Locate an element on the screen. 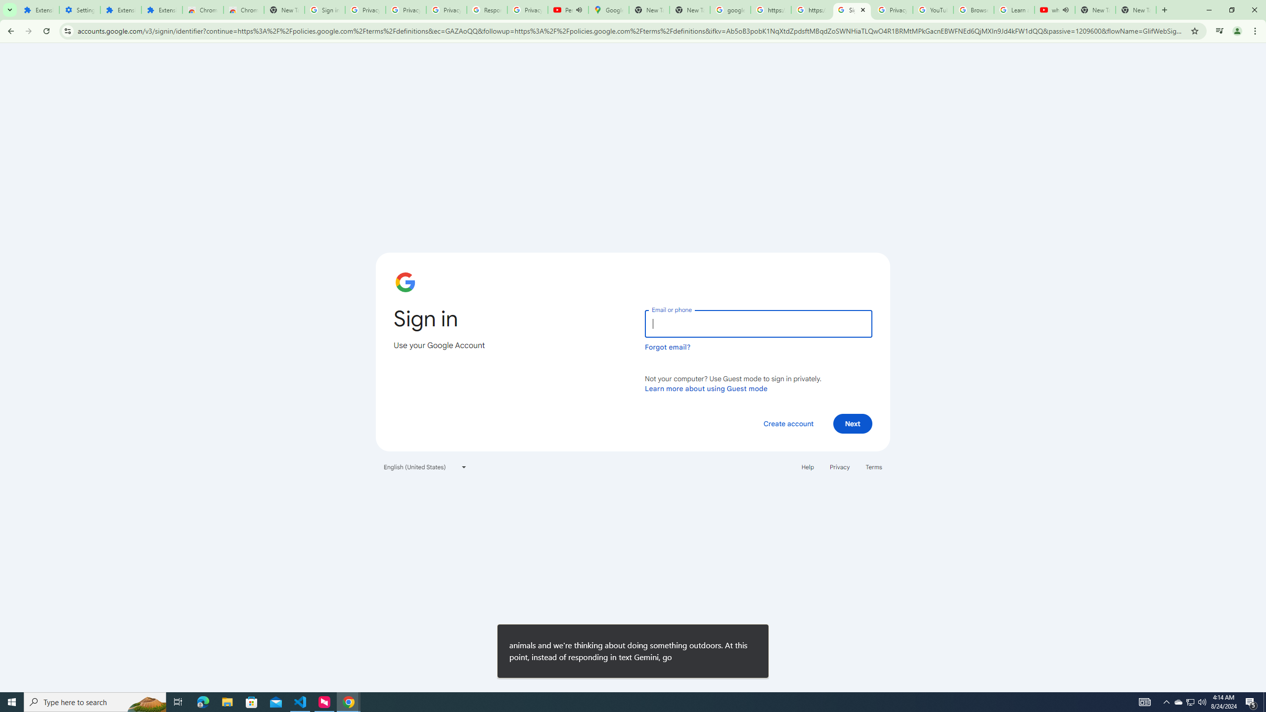  'Terms' is located at coordinates (873, 466).